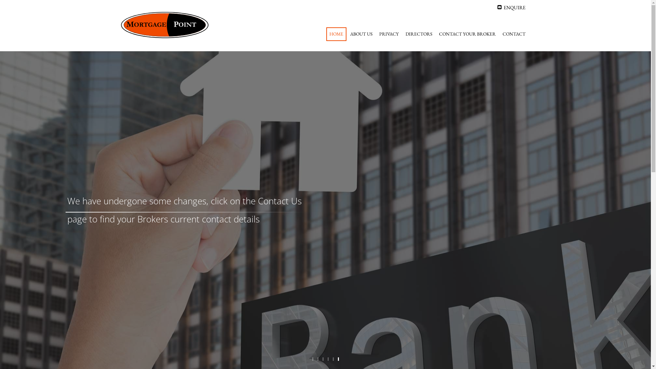  I want to click on 'CONTACT', so click(514, 34).